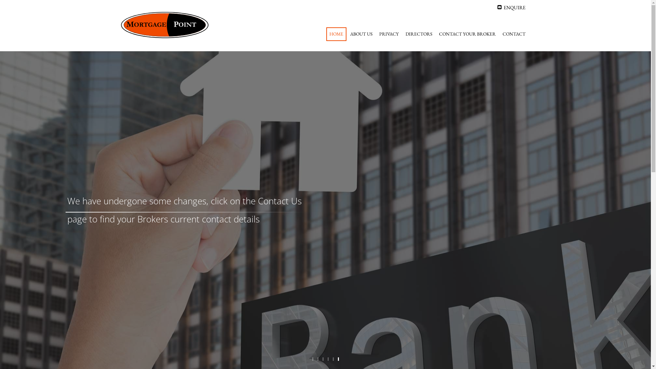  I want to click on 'CONTACT', so click(514, 34).